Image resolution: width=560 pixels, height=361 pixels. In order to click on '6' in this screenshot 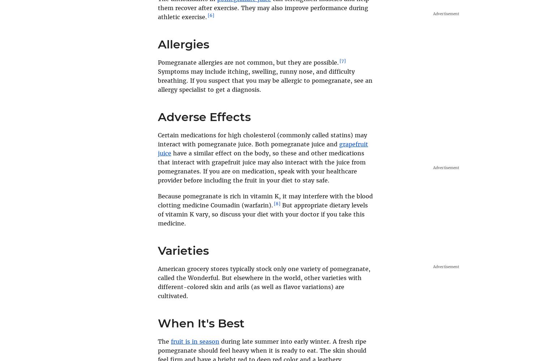, I will do `click(211, 15)`.